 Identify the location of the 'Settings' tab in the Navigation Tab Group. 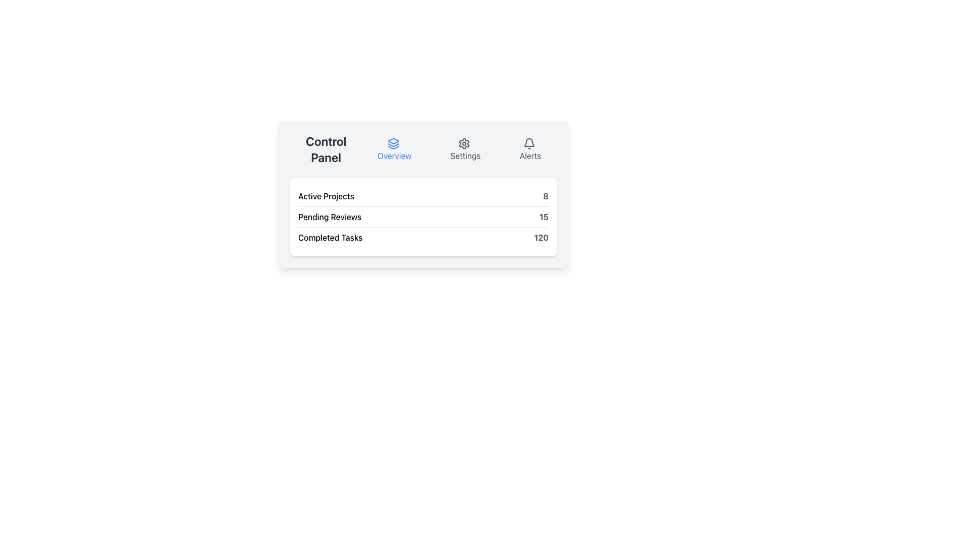
(459, 149).